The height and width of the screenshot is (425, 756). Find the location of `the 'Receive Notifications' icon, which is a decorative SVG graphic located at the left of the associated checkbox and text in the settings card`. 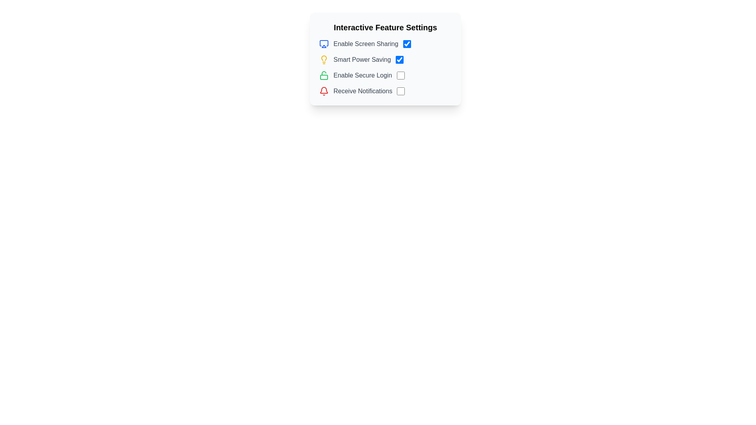

the 'Receive Notifications' icon, which is a decorative SVG graphic located at the left of the associated checkbox and text in the settings card is located at coordinates (324, 91).